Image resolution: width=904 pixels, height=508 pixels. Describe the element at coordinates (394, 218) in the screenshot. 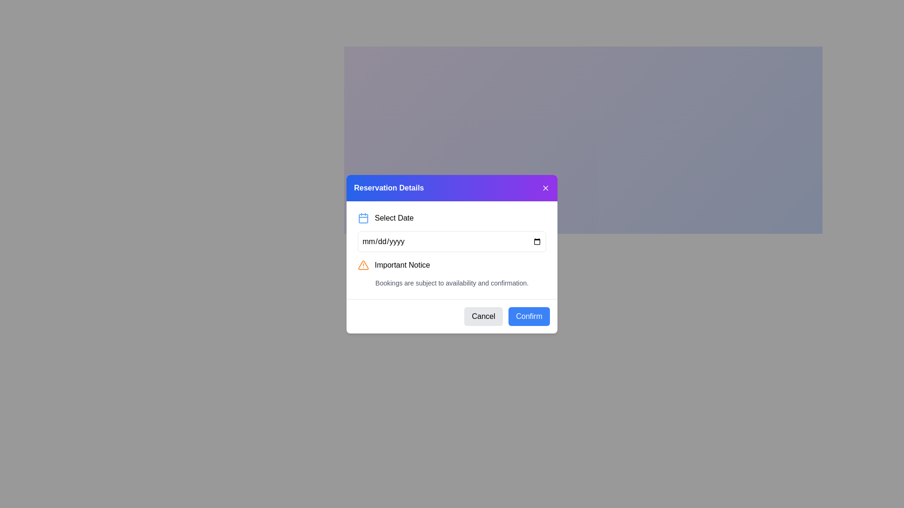

I see `the static text label 'Select Date' which is positioned in the header of the reservation details interface, next to a calendar icon` at that location.